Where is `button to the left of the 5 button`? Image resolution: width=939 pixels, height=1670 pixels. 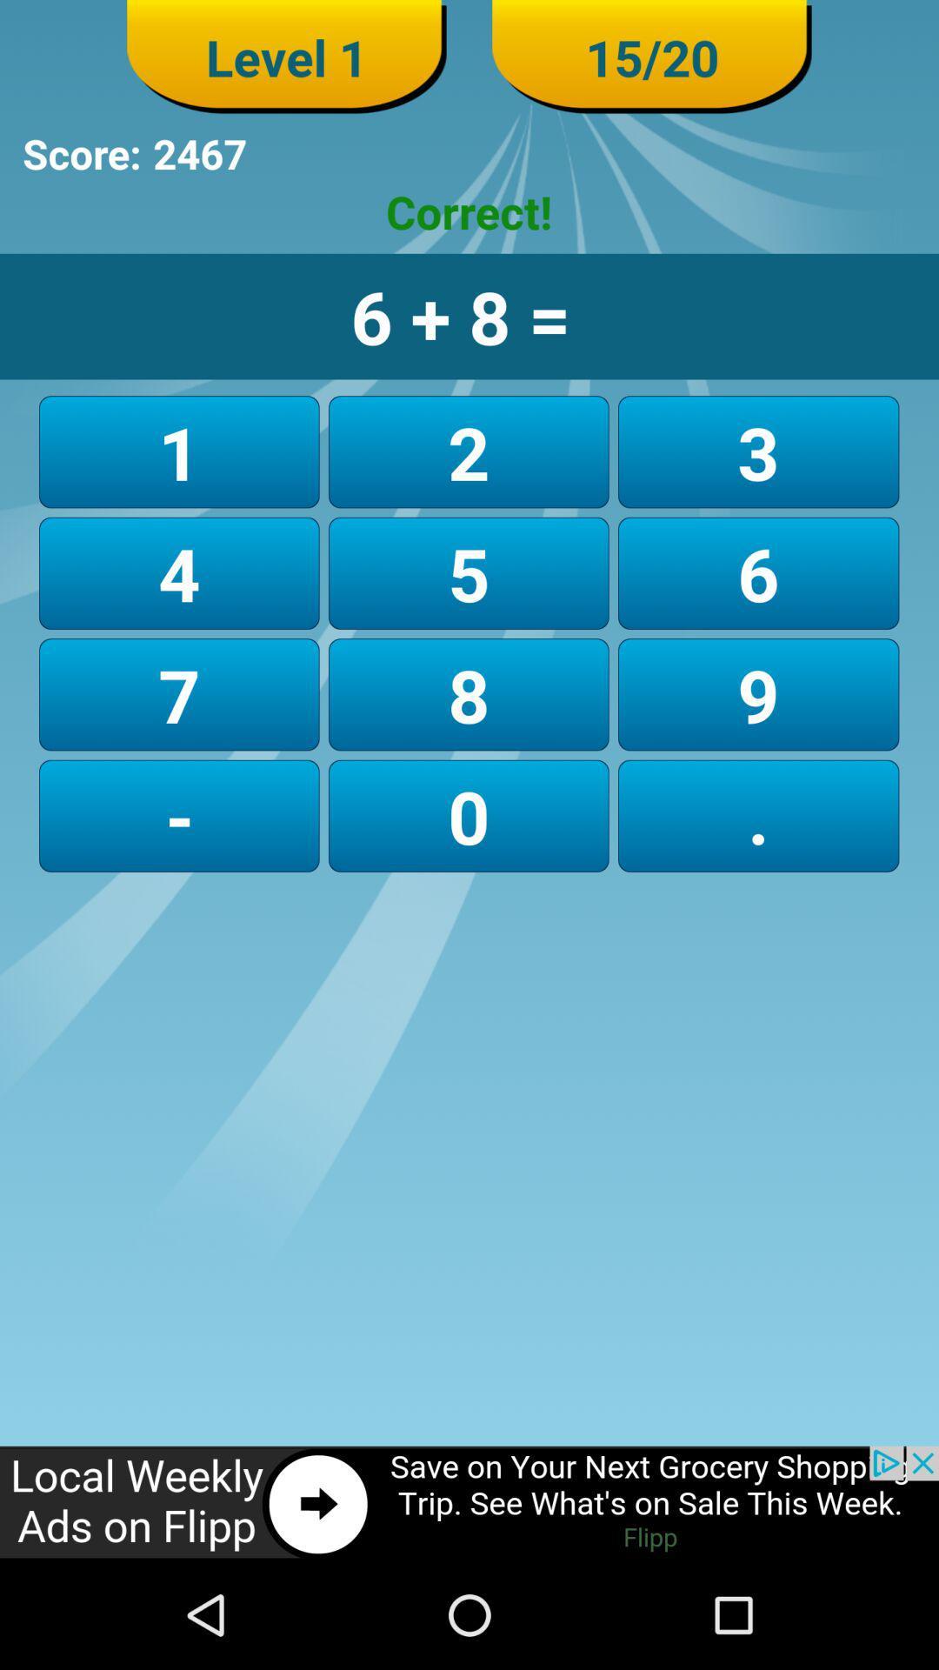 button to the left of the 5 button is located at coordinates (179, 693).